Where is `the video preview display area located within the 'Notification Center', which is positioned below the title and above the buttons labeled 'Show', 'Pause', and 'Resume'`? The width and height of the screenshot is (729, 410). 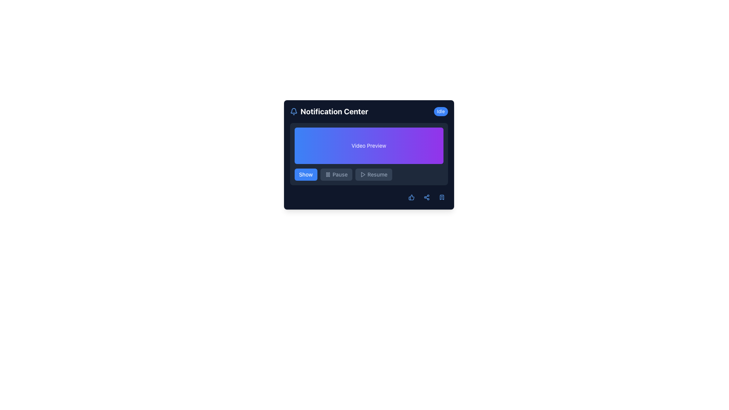
the video preview display area located within the 'Notification Center', which is positioned below the title and above the buttons labeled 'Show', 'Pause', and 'Resume' is located at coordinates (369, 154).